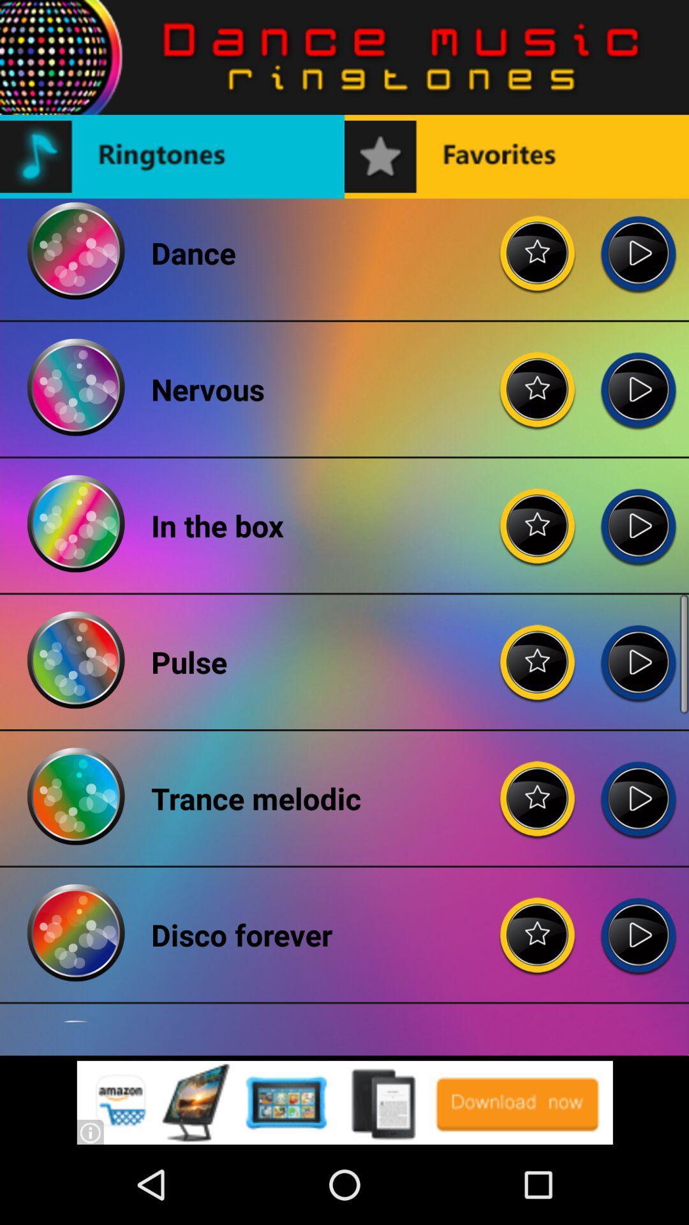 The image size is (689, 1225). What do you see at coordinates (638, 516) in the screenshot?
I see `ringtone` at bounding box center [638, 516].